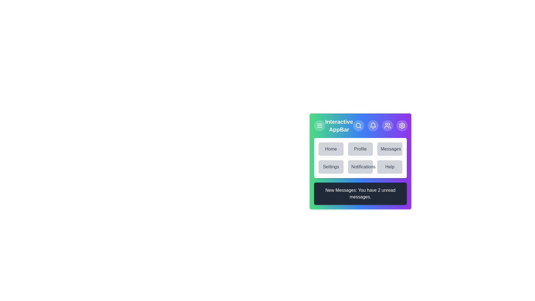 This screenshot has width=535, height=301. Describe the element at coordinates (402, 126) in the screenshot. I see `the settings icon to access settings` at that location.